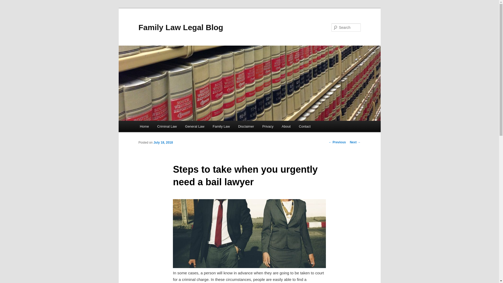  I want to click on 'July 18, 2018', so click(163, 142).